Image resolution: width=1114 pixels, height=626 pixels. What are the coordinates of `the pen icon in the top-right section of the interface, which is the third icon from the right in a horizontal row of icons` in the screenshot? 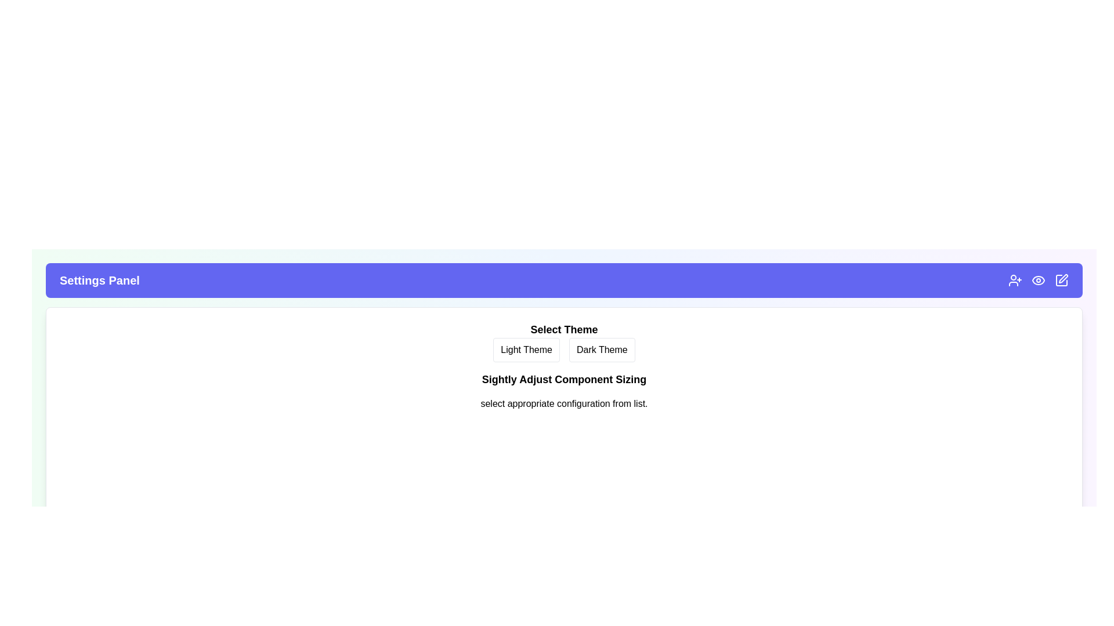 It's located at (1061, 280).